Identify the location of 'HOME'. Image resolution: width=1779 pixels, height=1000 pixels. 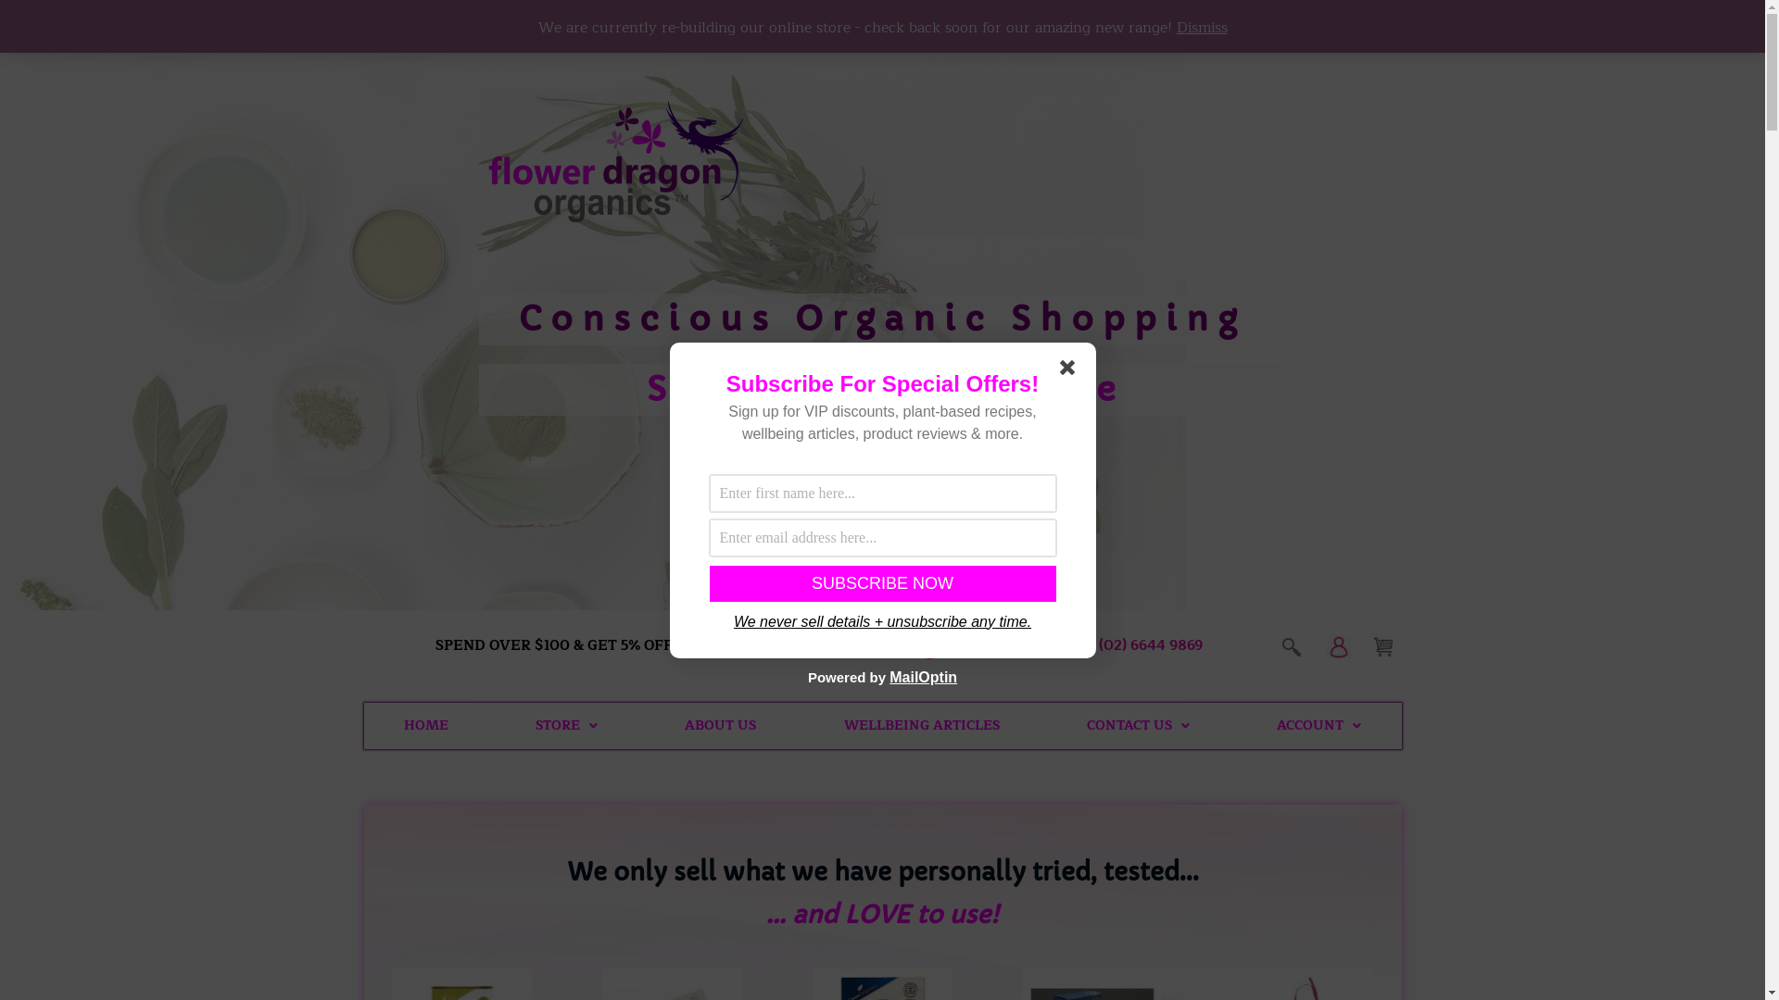
(424, 724).